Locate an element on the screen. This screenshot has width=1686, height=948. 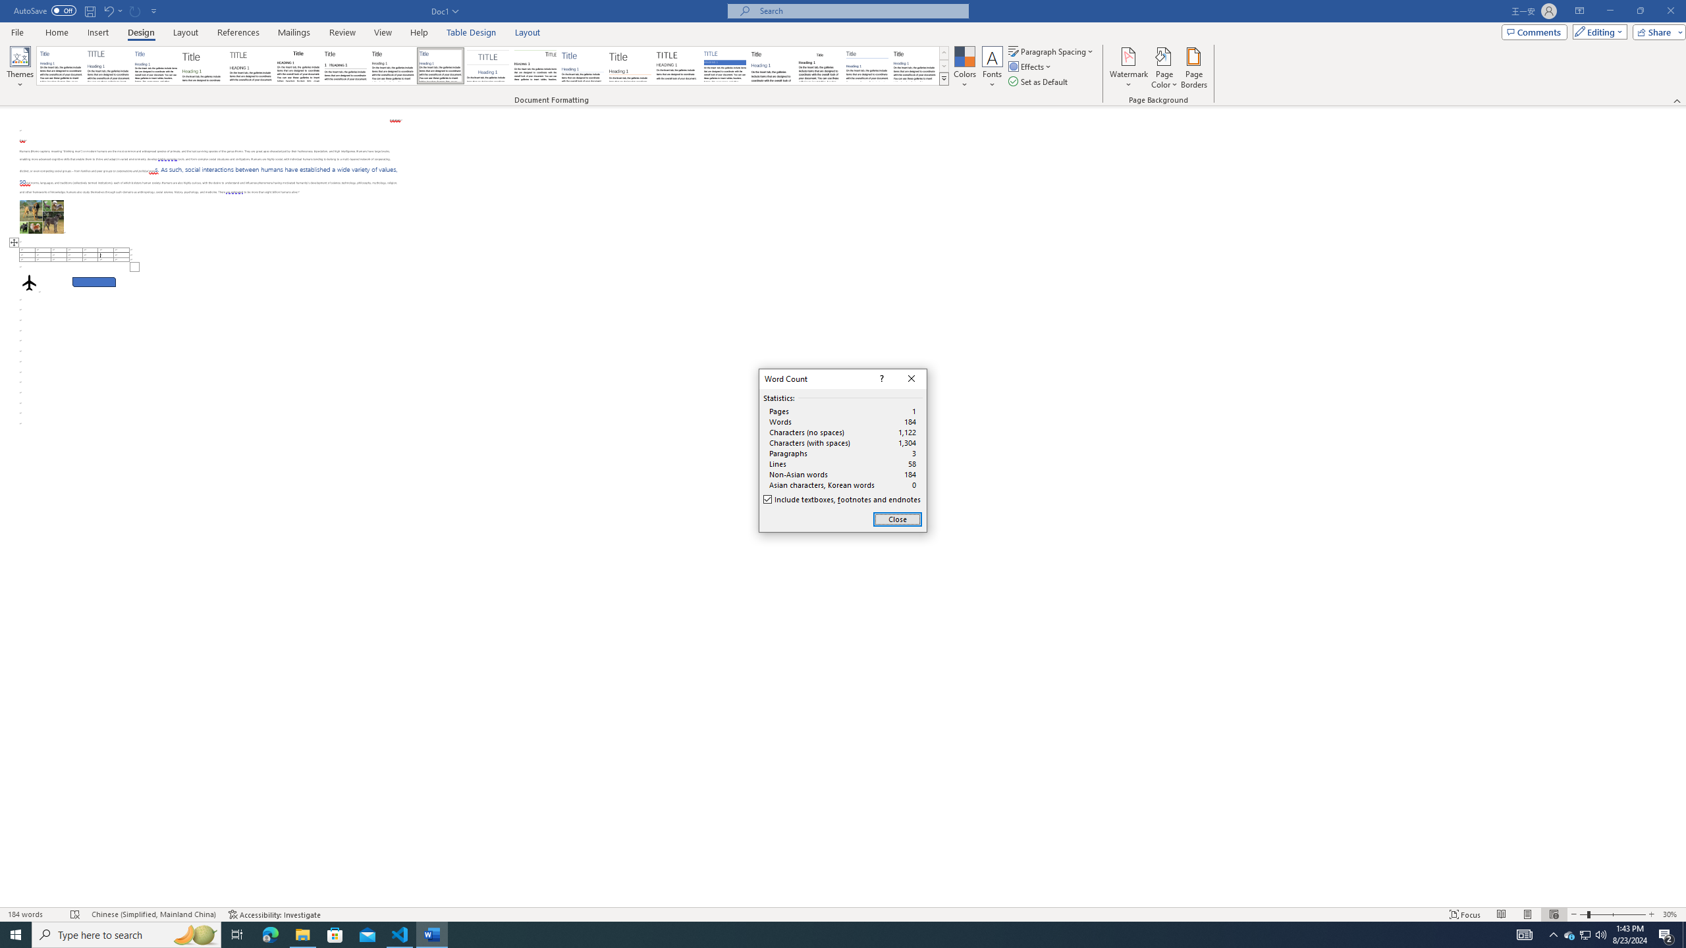
'Themes' is located at coordinates (19, 68).